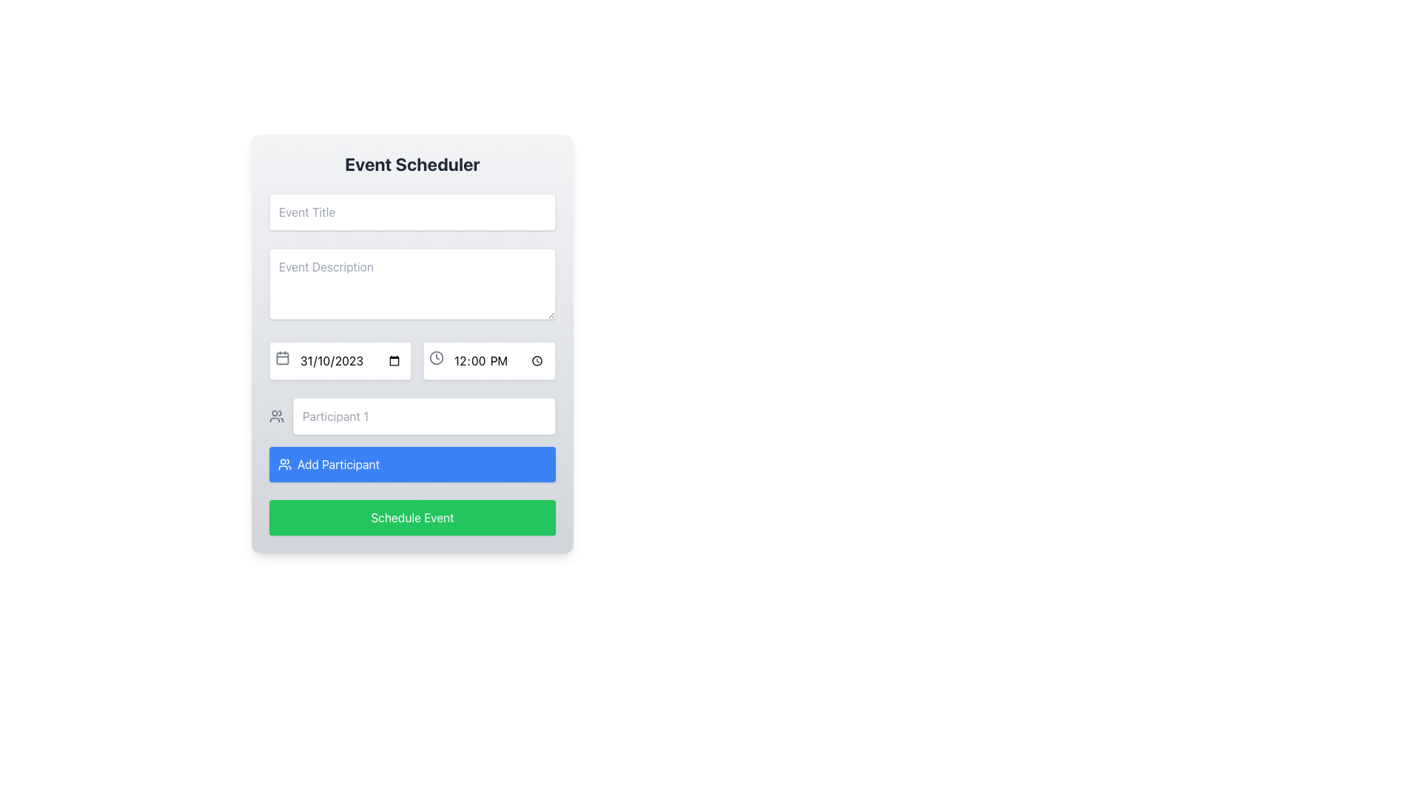 Image resolution: width=1421 pixels, height=799 pixels. Describe the element at coordinates (283, 357) in the screenshot. I see `the calendar icon located to the left of the 'Date Picker' input field to trigger tooltips or animations` at that location.